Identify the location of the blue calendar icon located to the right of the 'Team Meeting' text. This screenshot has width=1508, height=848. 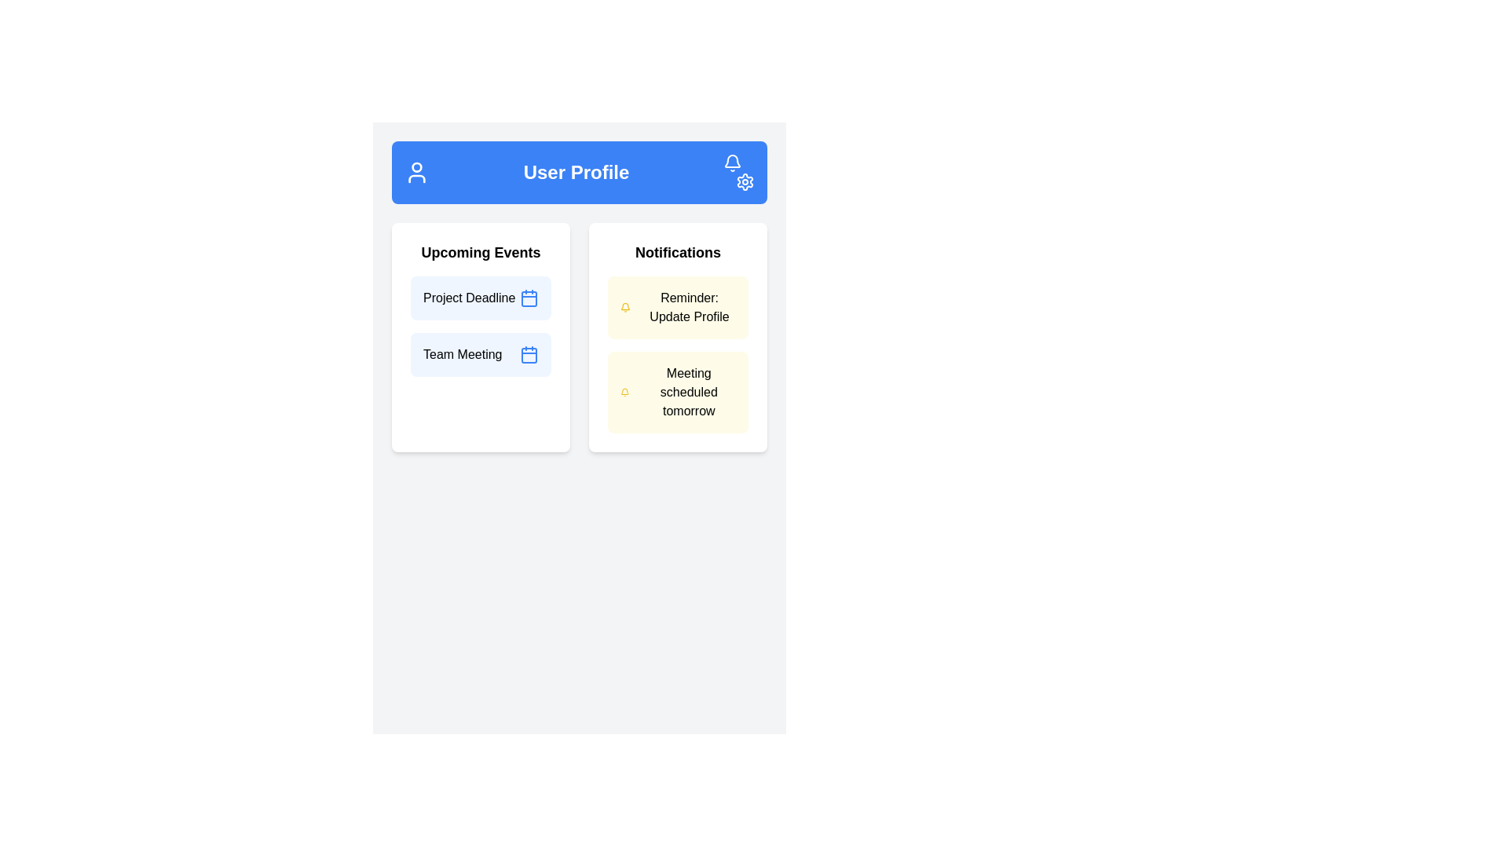
(529, 354).